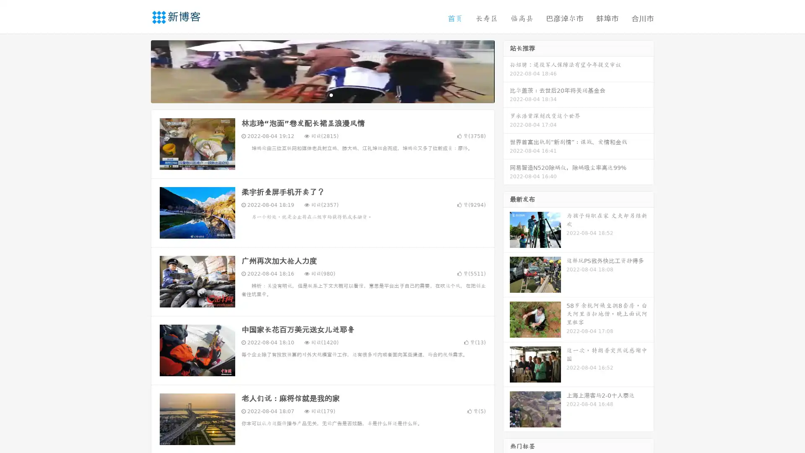 This screenshot has height=453, width=805. Describe the element at coordinates (506, 70) in the screenshot. I see `Next slide` at that location.